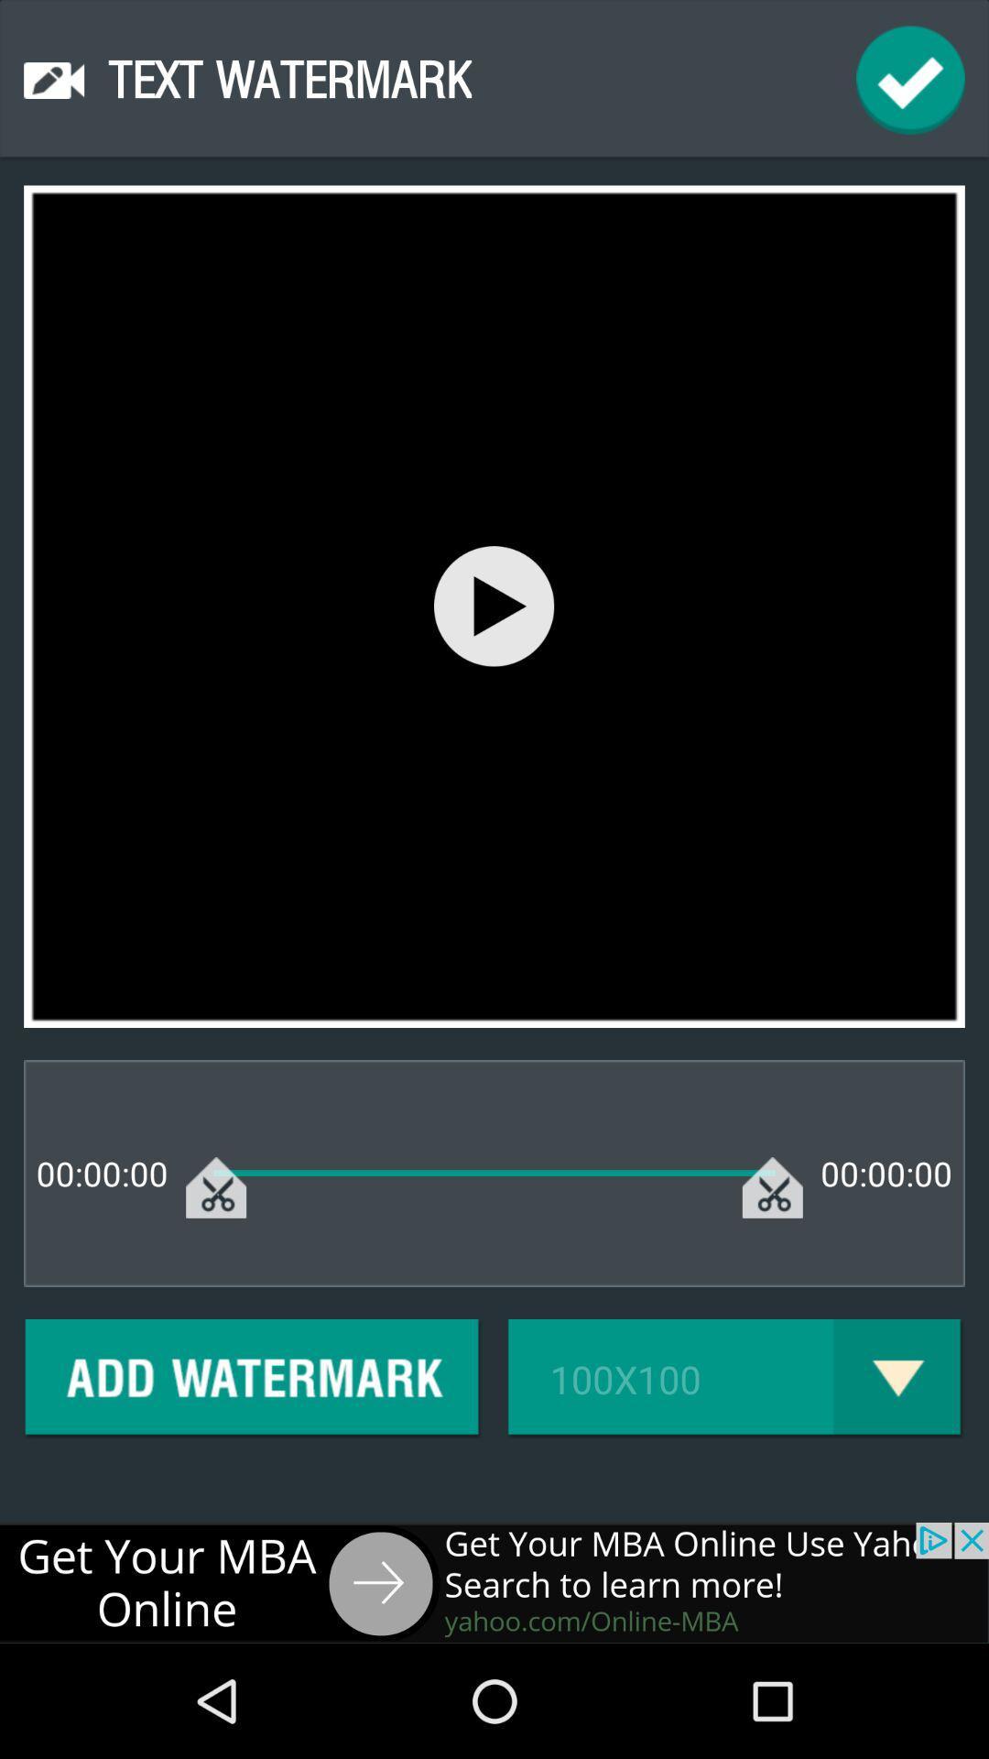  Describe the element at coordinates (493, 606) in the screenshot. I see `buton` at that location.